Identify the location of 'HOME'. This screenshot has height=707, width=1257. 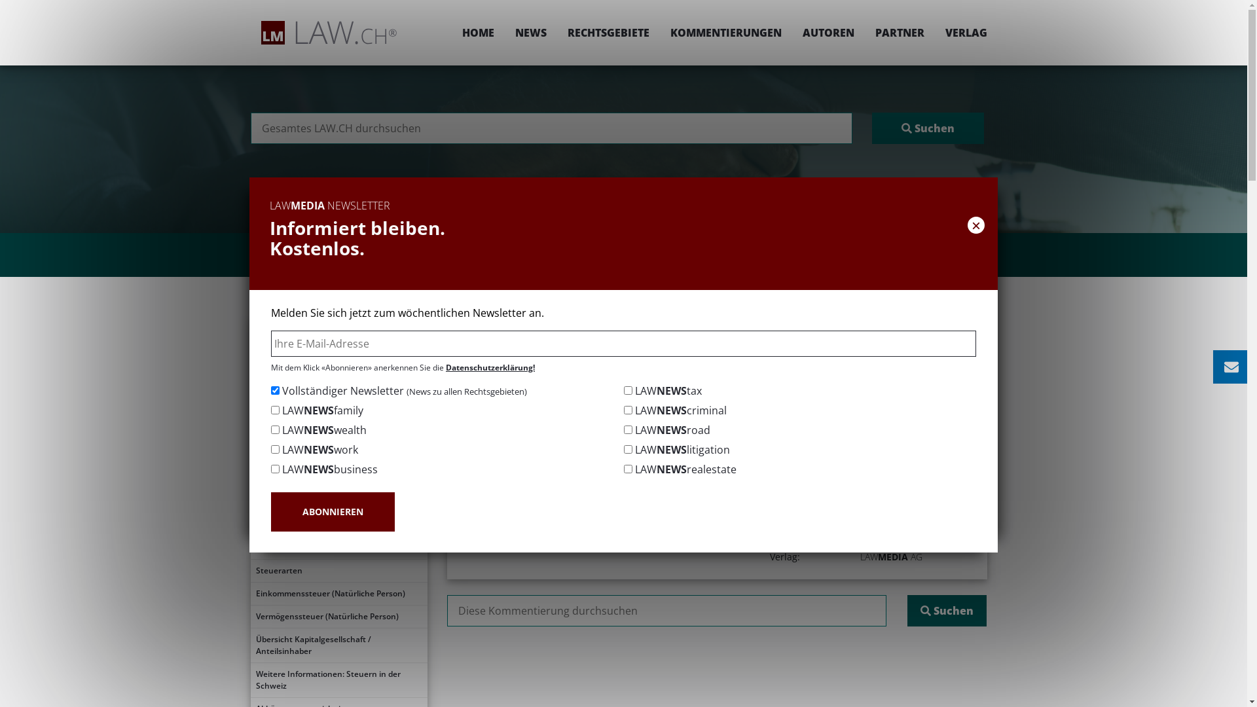
(477, 32).